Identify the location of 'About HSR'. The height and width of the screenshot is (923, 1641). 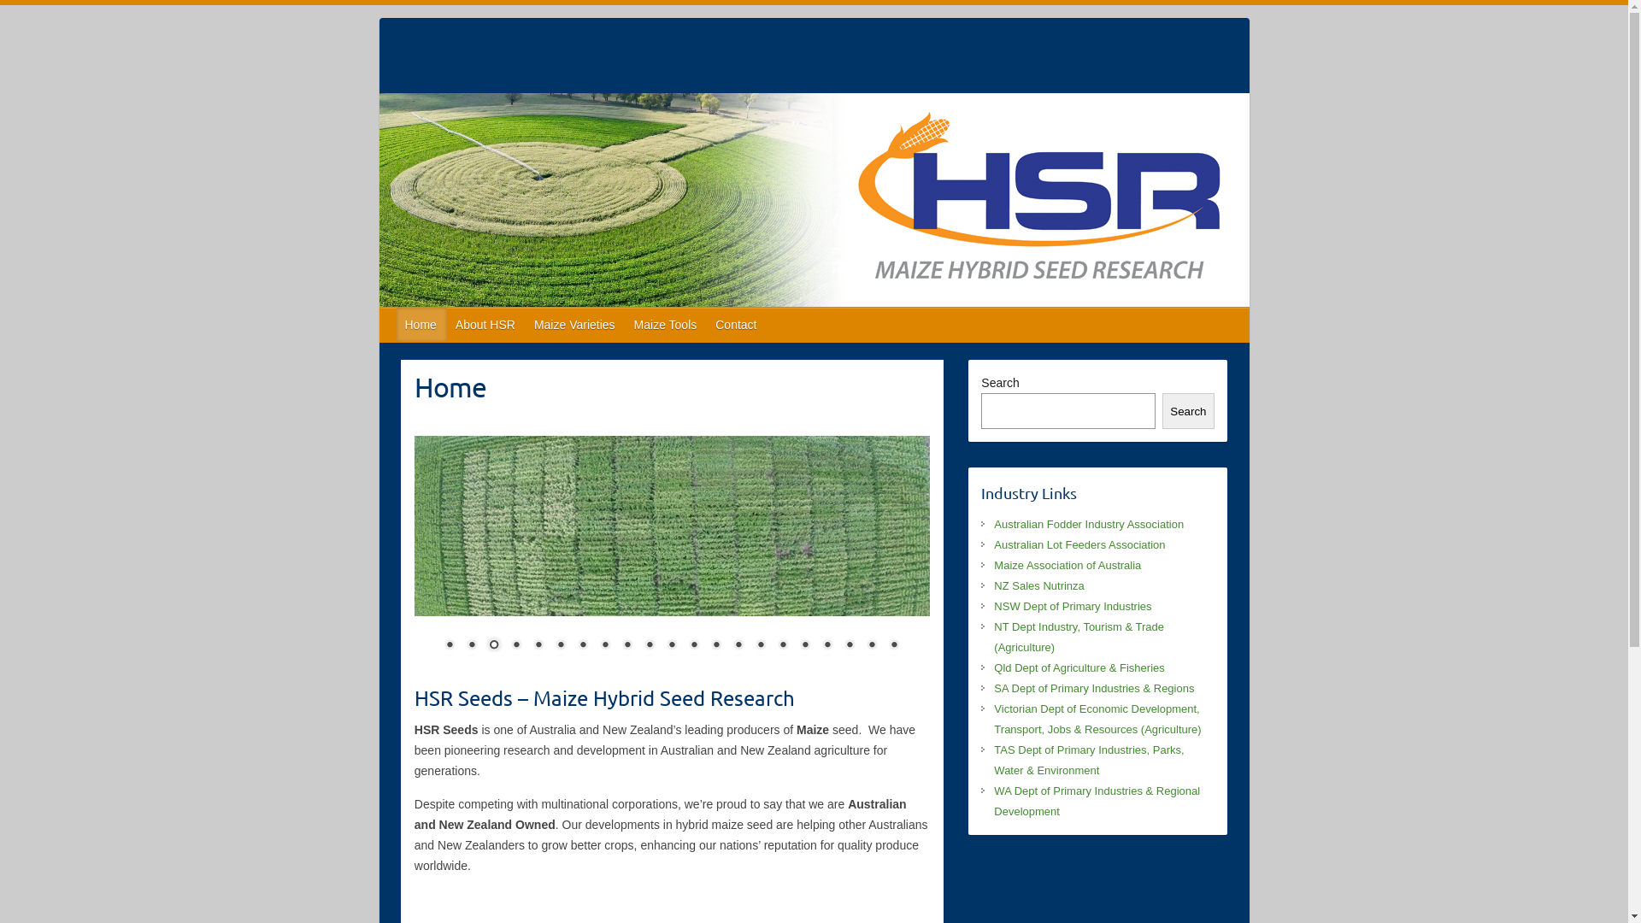
(485, 325).